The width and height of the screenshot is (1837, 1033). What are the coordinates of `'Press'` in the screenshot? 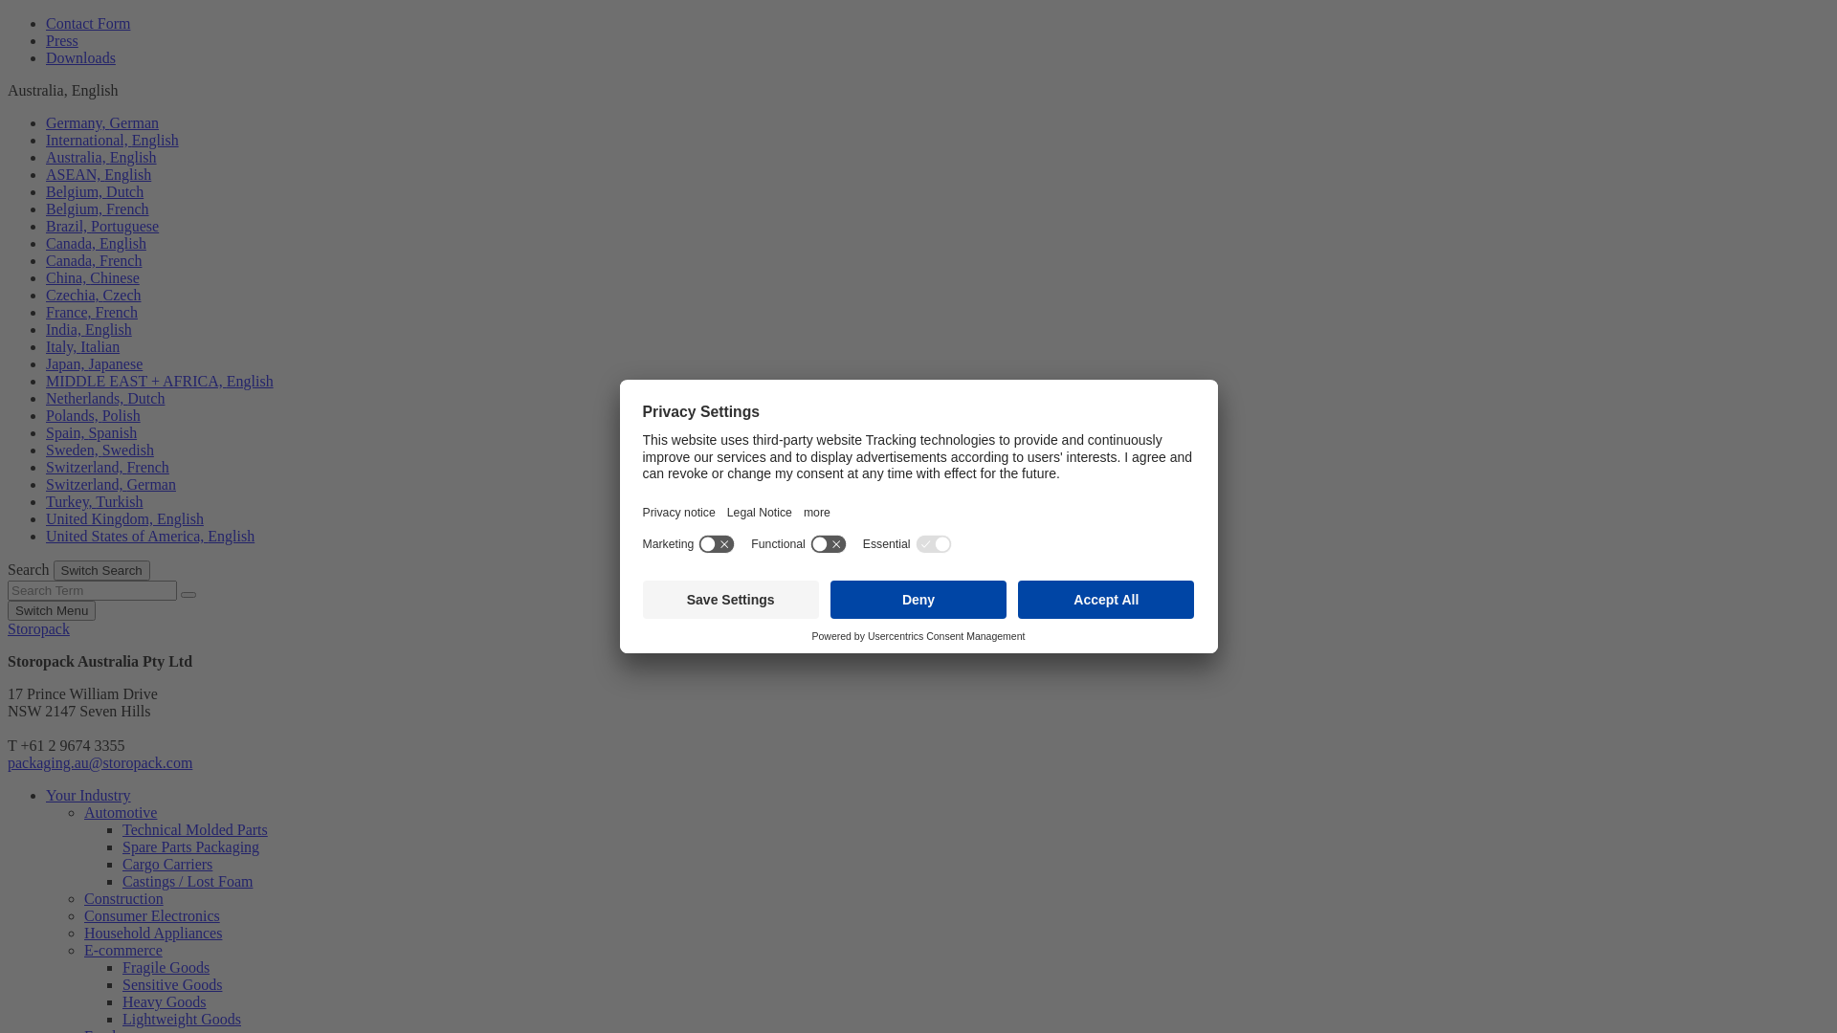 It's located at (62, 40).